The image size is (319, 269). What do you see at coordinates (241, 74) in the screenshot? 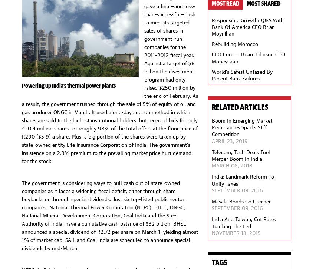
I see `'World’s Safest Unfazed By Recent Bank Failures'` at bounding box center [241, 74].